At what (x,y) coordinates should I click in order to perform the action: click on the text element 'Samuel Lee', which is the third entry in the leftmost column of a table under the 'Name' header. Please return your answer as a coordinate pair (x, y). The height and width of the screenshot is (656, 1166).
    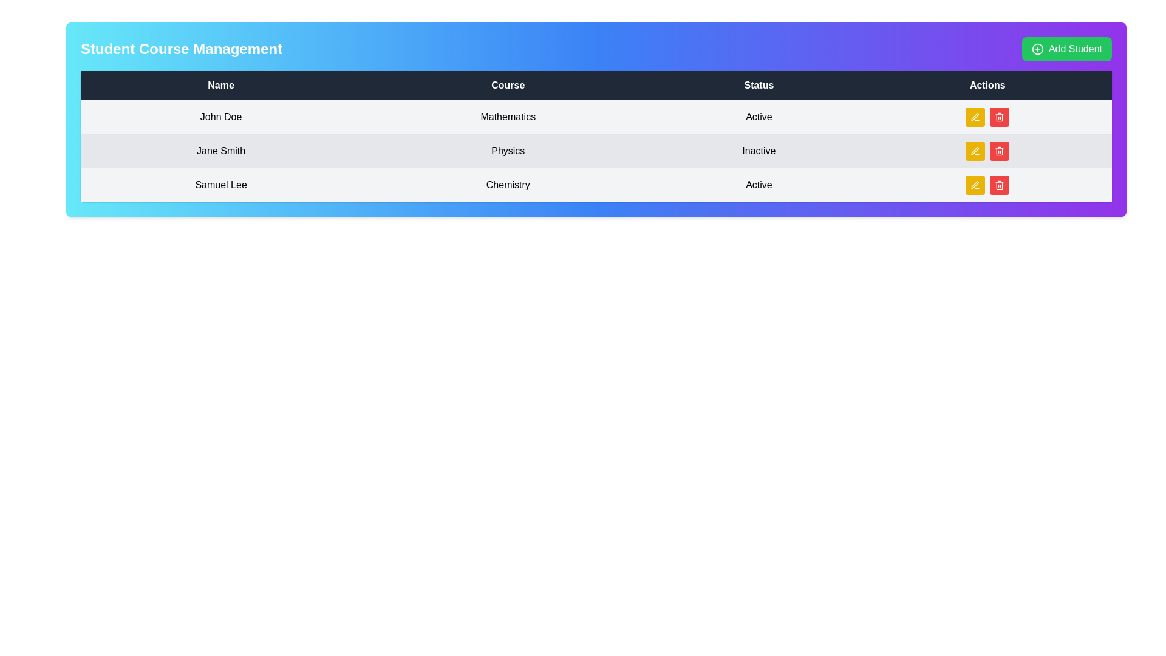
    Looking at the image, I should click on (221, 185).